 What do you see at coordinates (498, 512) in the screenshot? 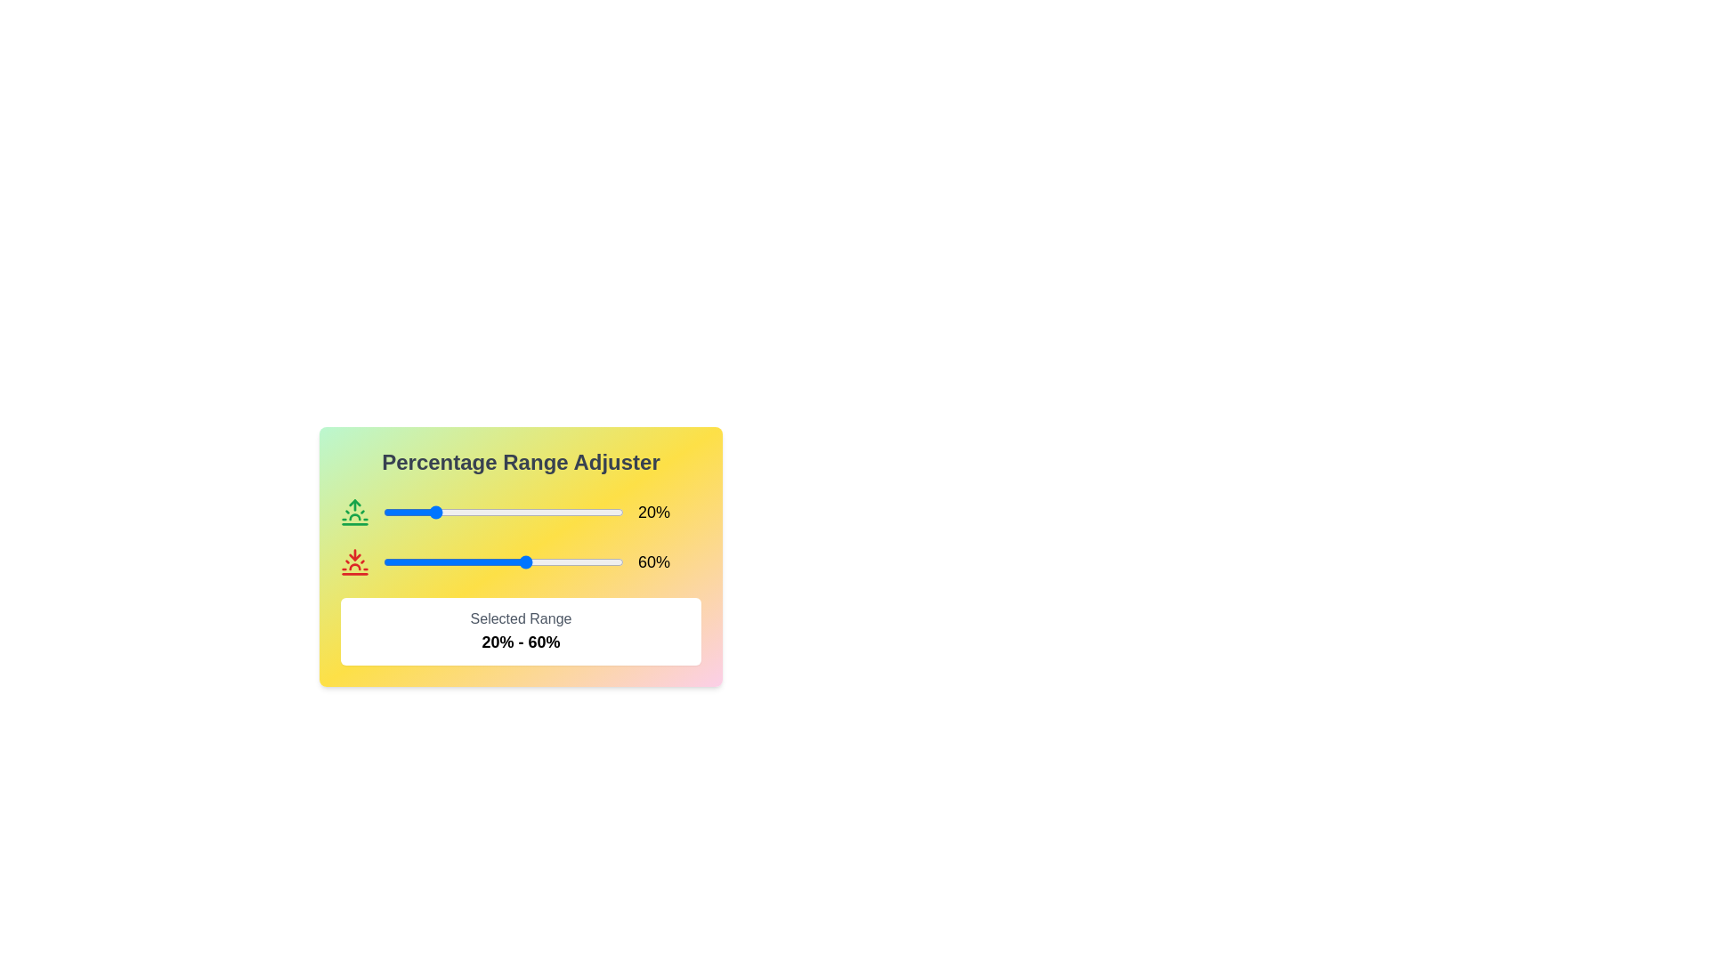
I see `the slider` at bounding box center [498, 512].